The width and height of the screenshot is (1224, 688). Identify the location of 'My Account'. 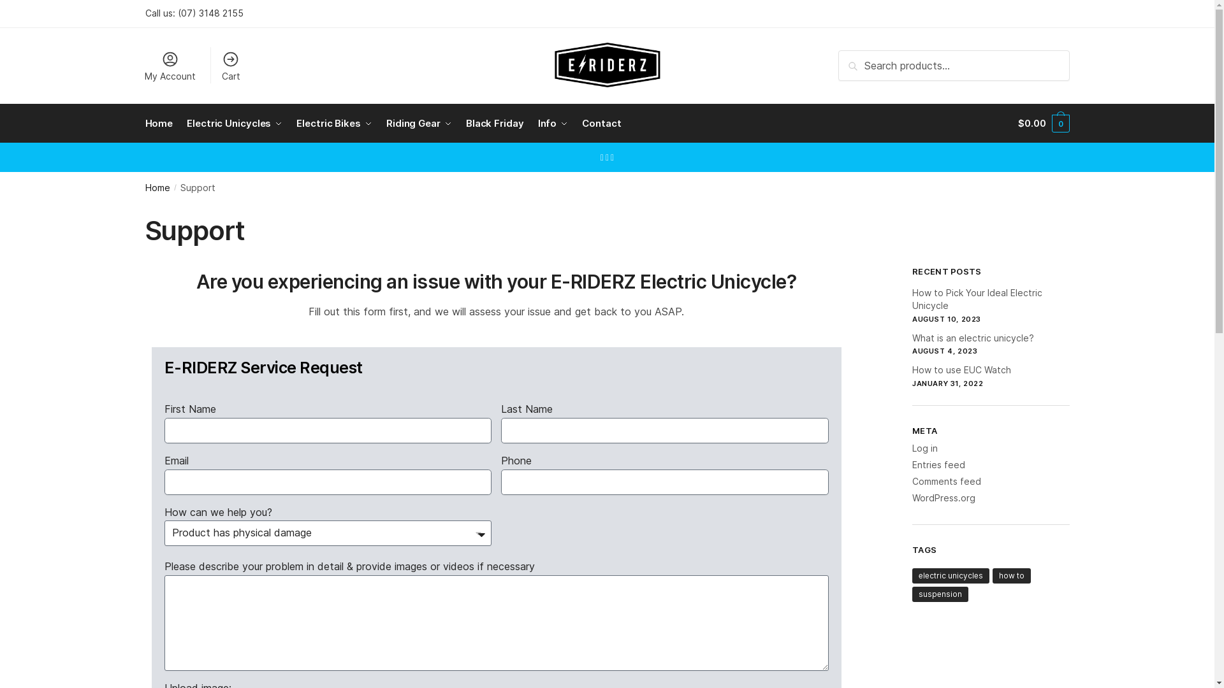
(136, 66).